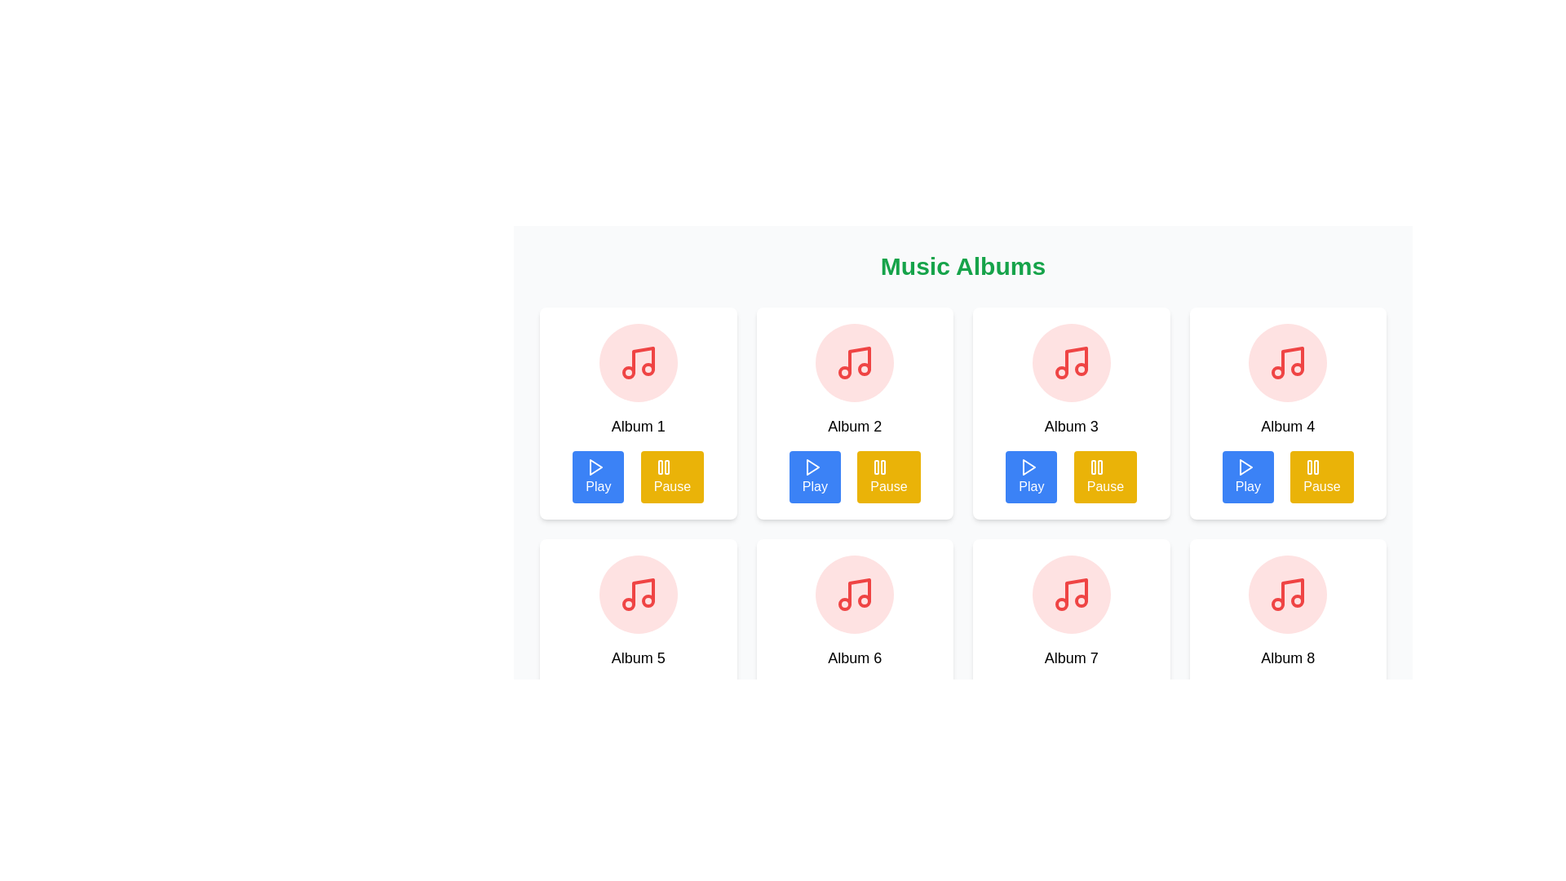 The height and width of the screenshot is (881, 1566). What do you see at coordinates (1247, 477) in the screenshot?
I see `the blue rectangular 'Play' button with a white triangular play icon, located in the bottom-right corner of the 'Album 4' card` at bounding box center [1247, 477].